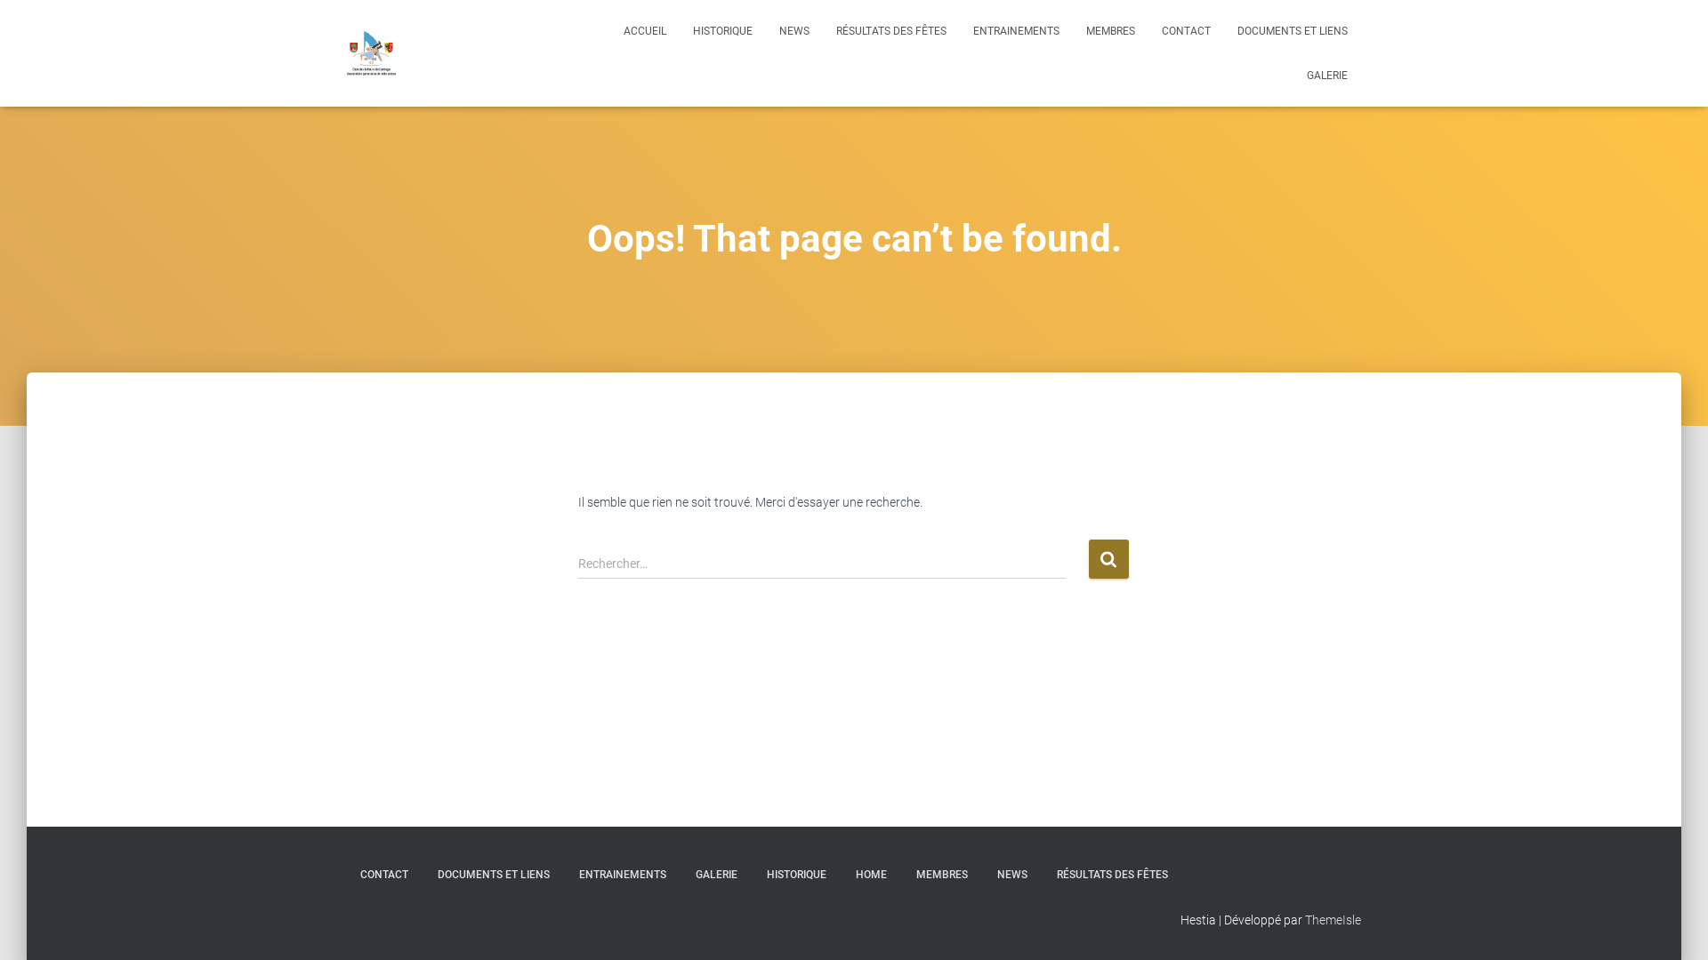  What do you see at coordinates (623, 874) in the screenshot?
I see `'ENTRAINEMENTS'` at bounding box center [623, 874].